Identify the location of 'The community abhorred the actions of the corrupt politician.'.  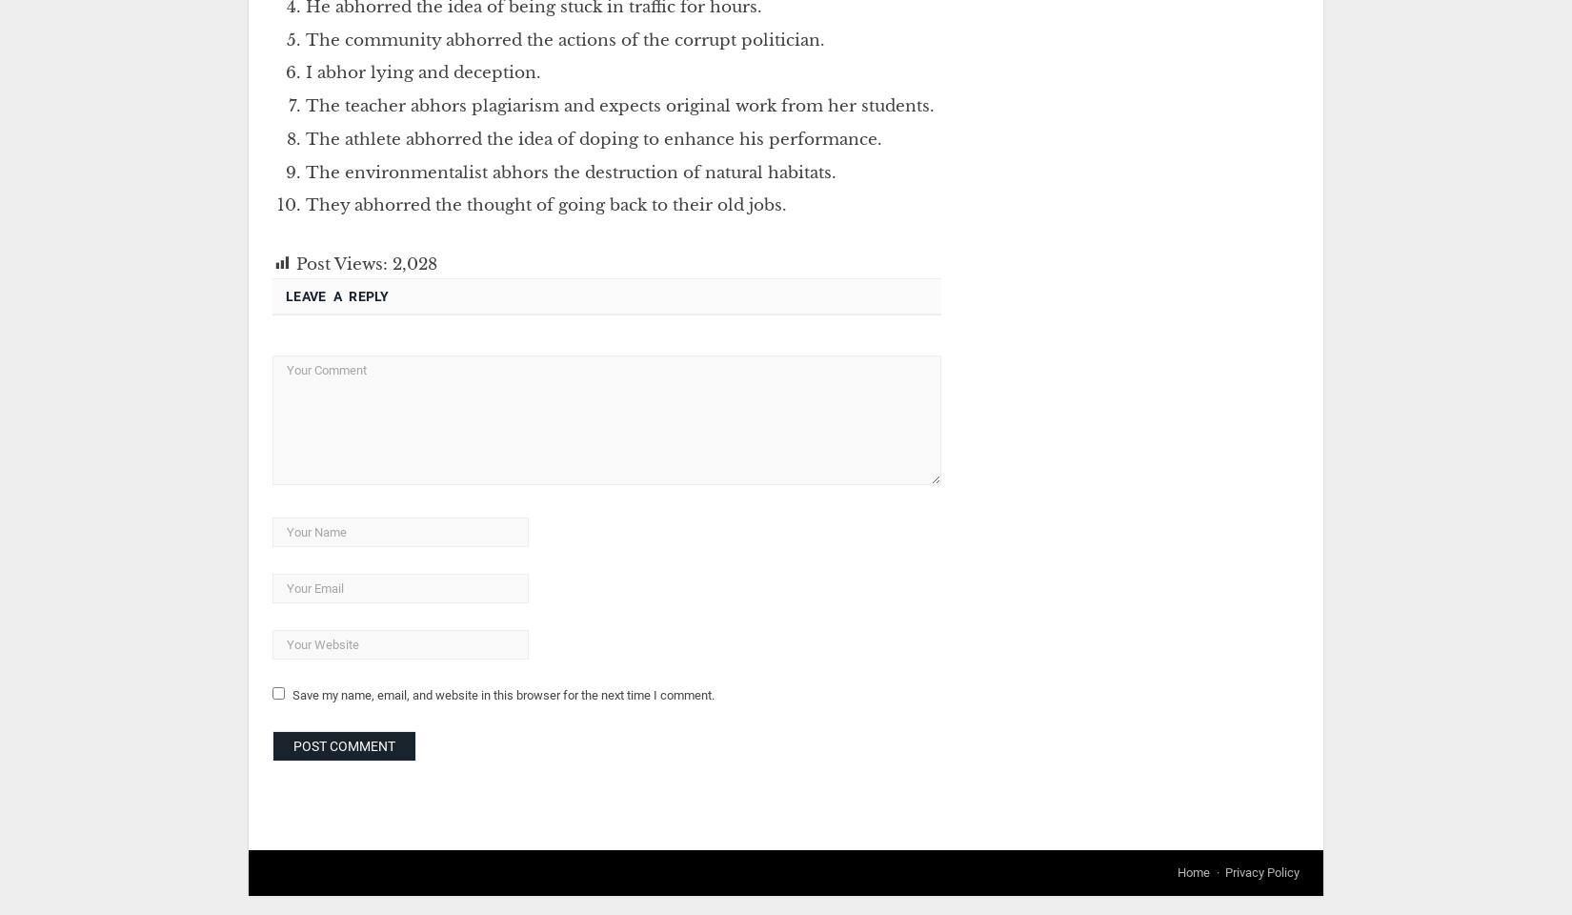
(305, 38).